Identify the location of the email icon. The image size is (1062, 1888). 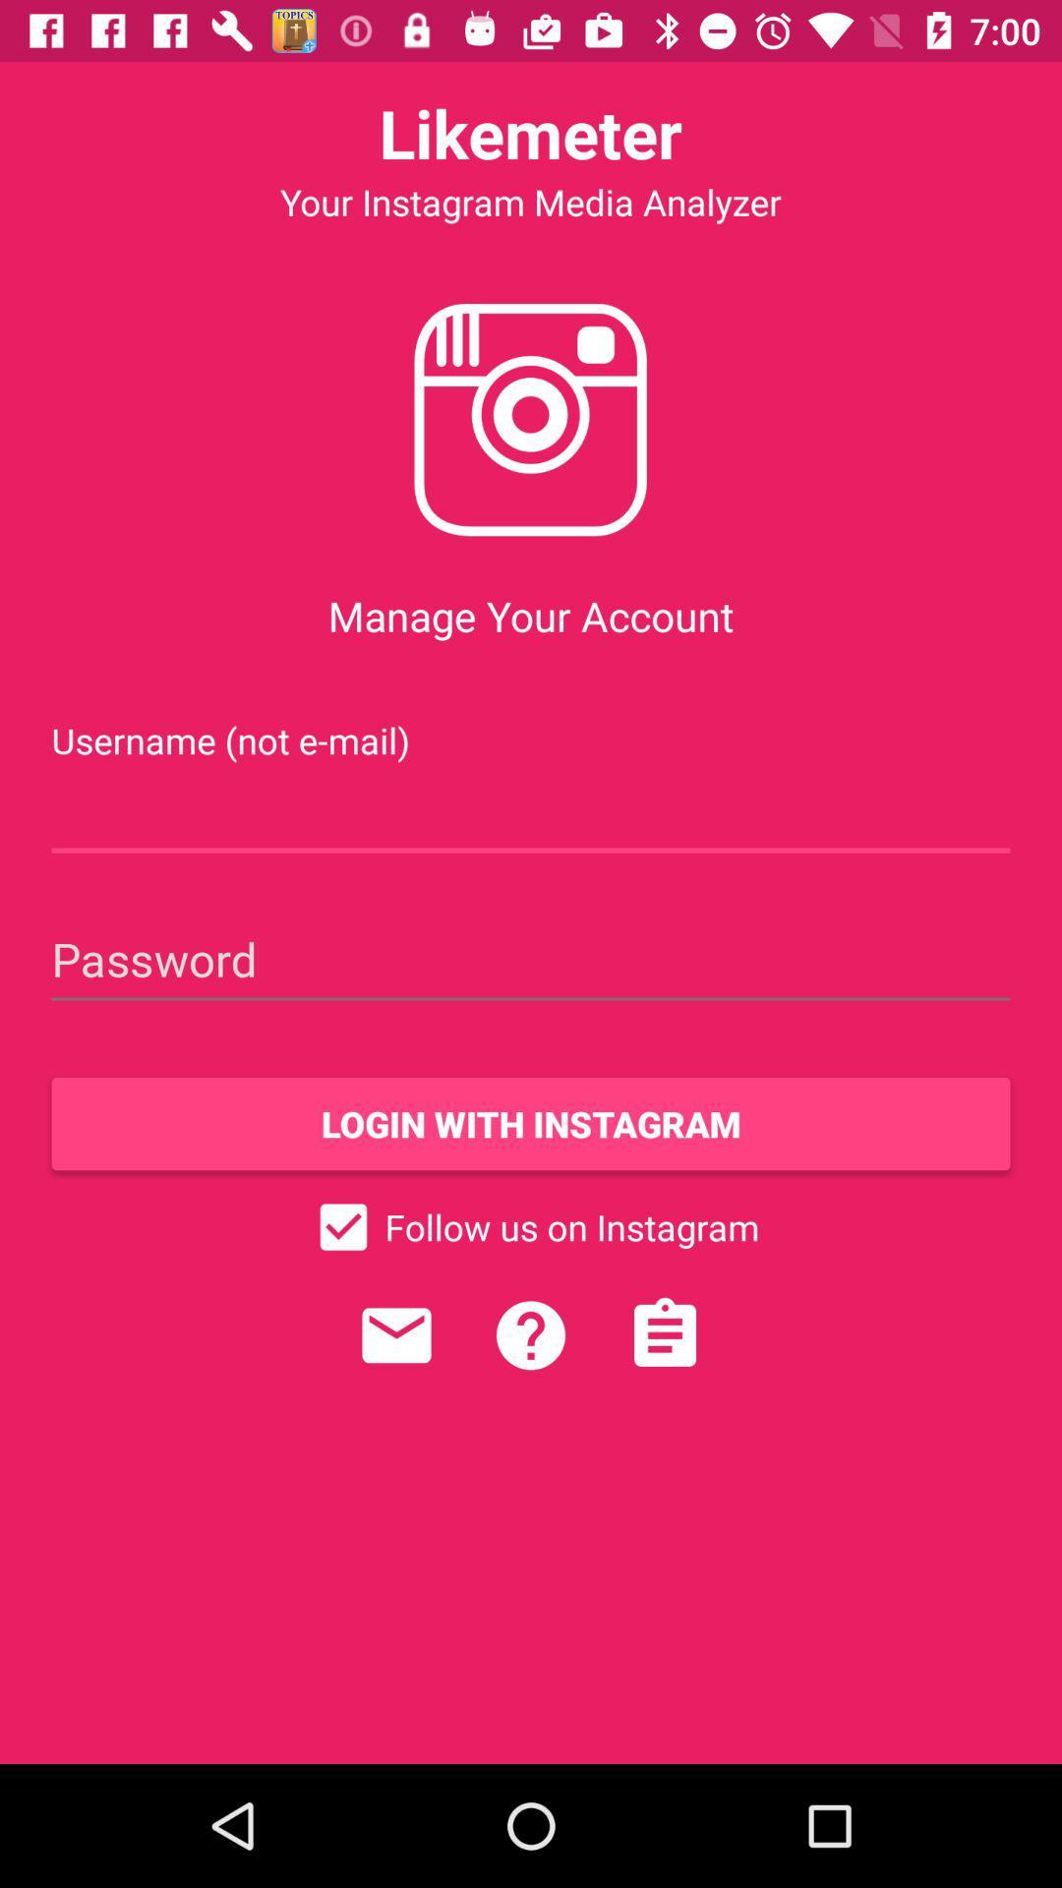
(396, 1335).